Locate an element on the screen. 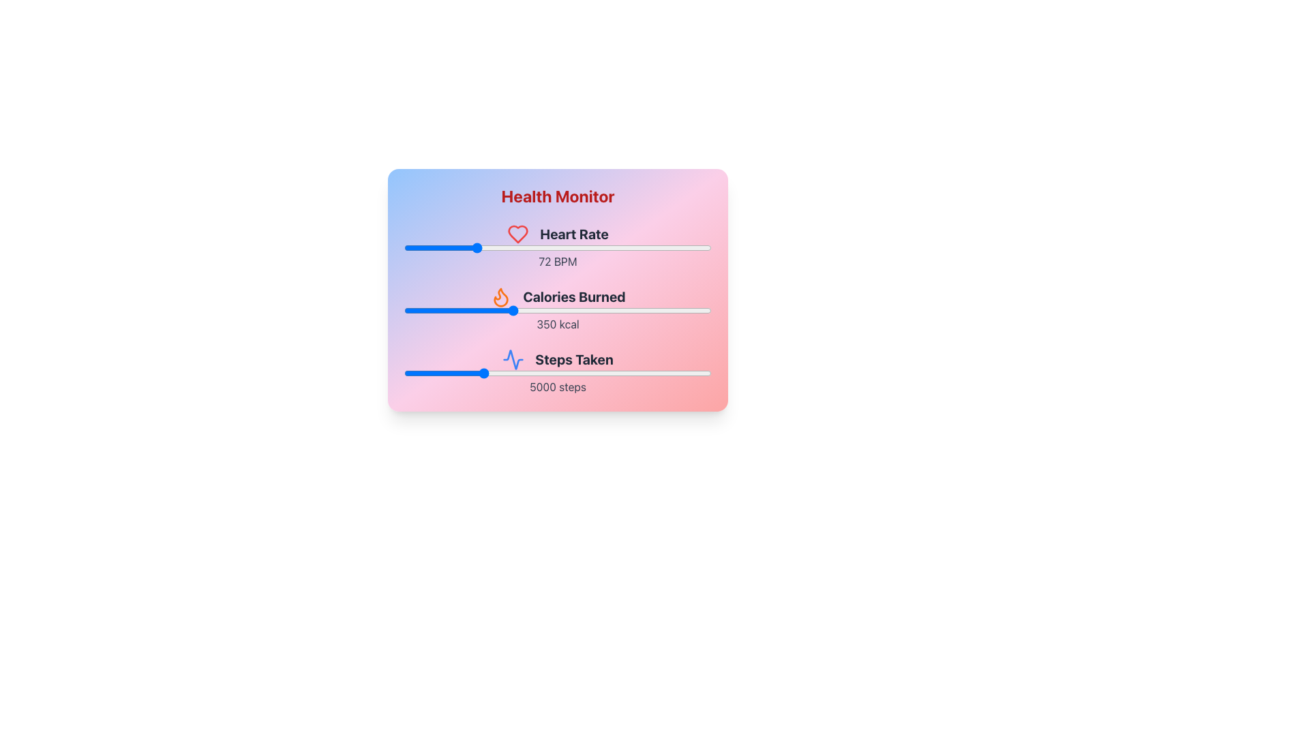 The width and height of the screenshot is (1309, 736). calories burned is located at coordinates (467, 310).